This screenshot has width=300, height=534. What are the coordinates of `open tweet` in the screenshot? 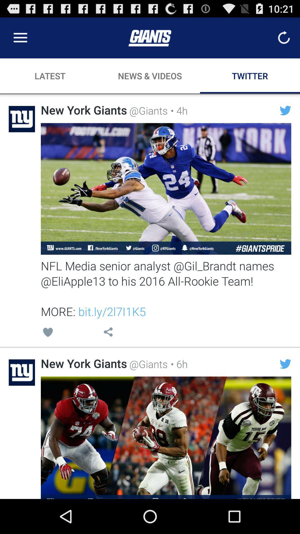 It's located at (166, 437).